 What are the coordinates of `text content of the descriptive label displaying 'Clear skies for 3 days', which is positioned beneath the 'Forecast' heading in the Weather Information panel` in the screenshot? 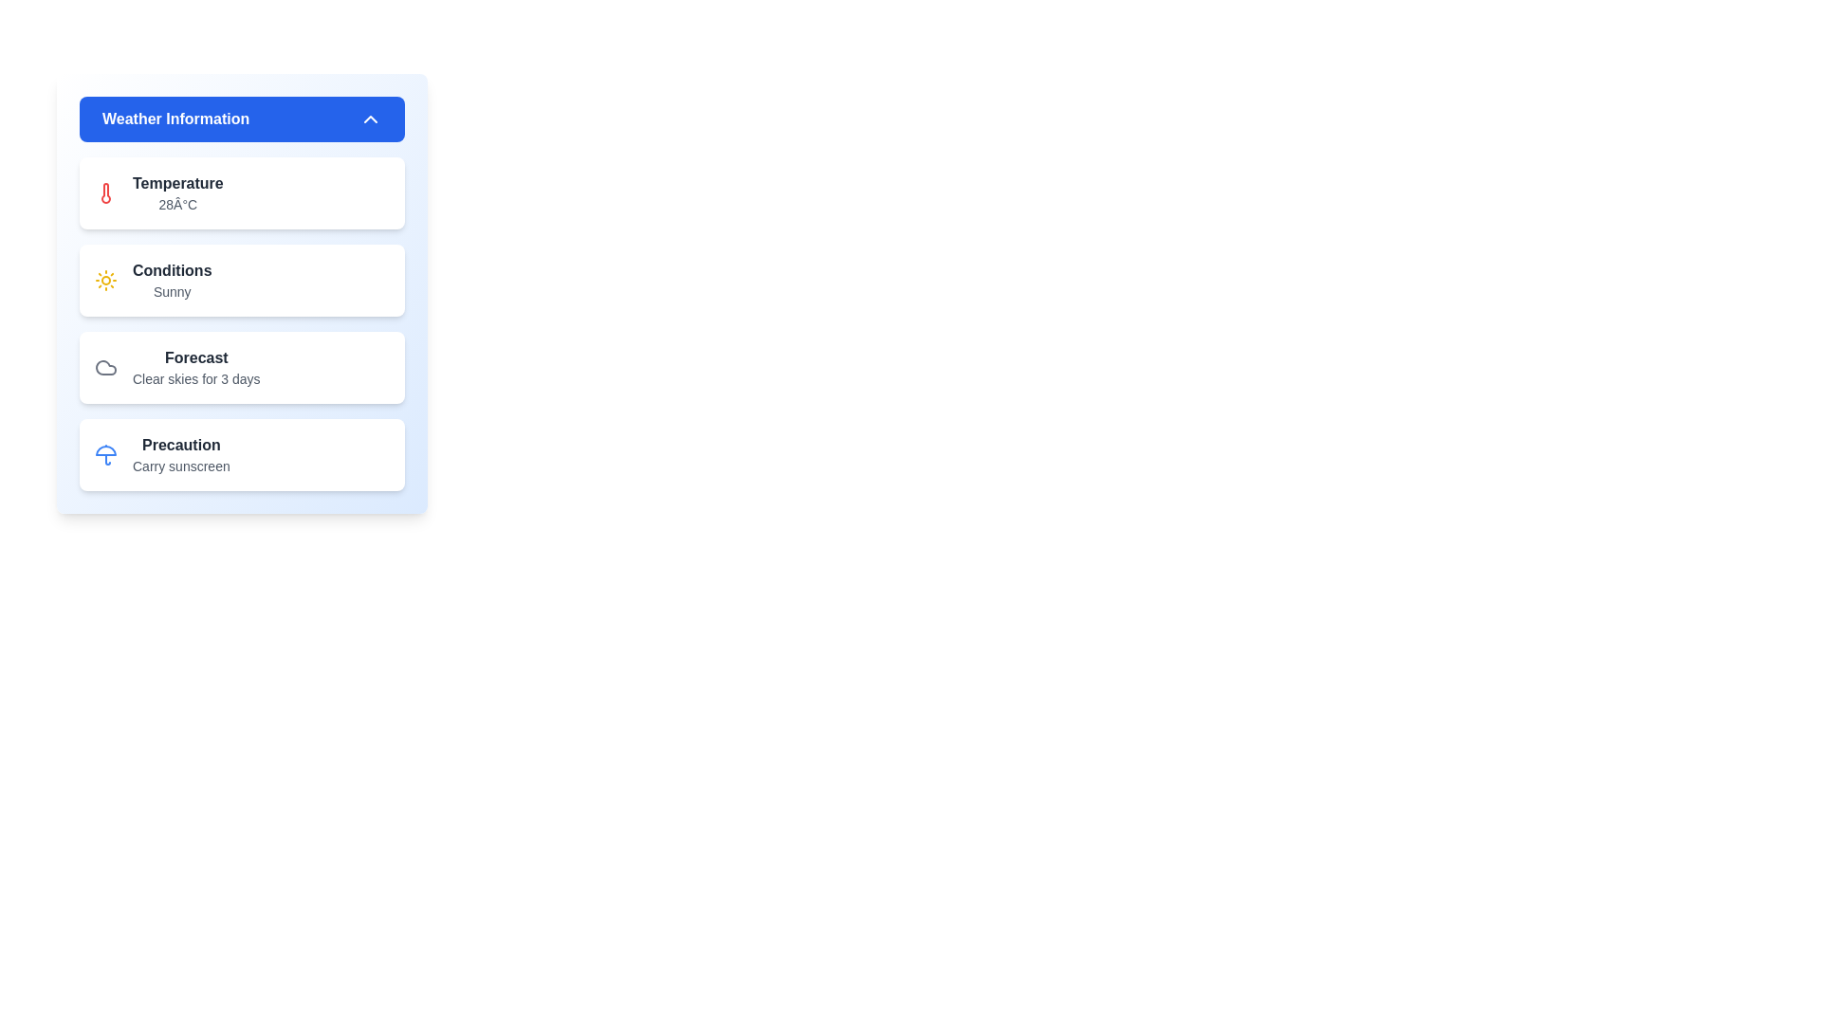 It's located at (196, 379).